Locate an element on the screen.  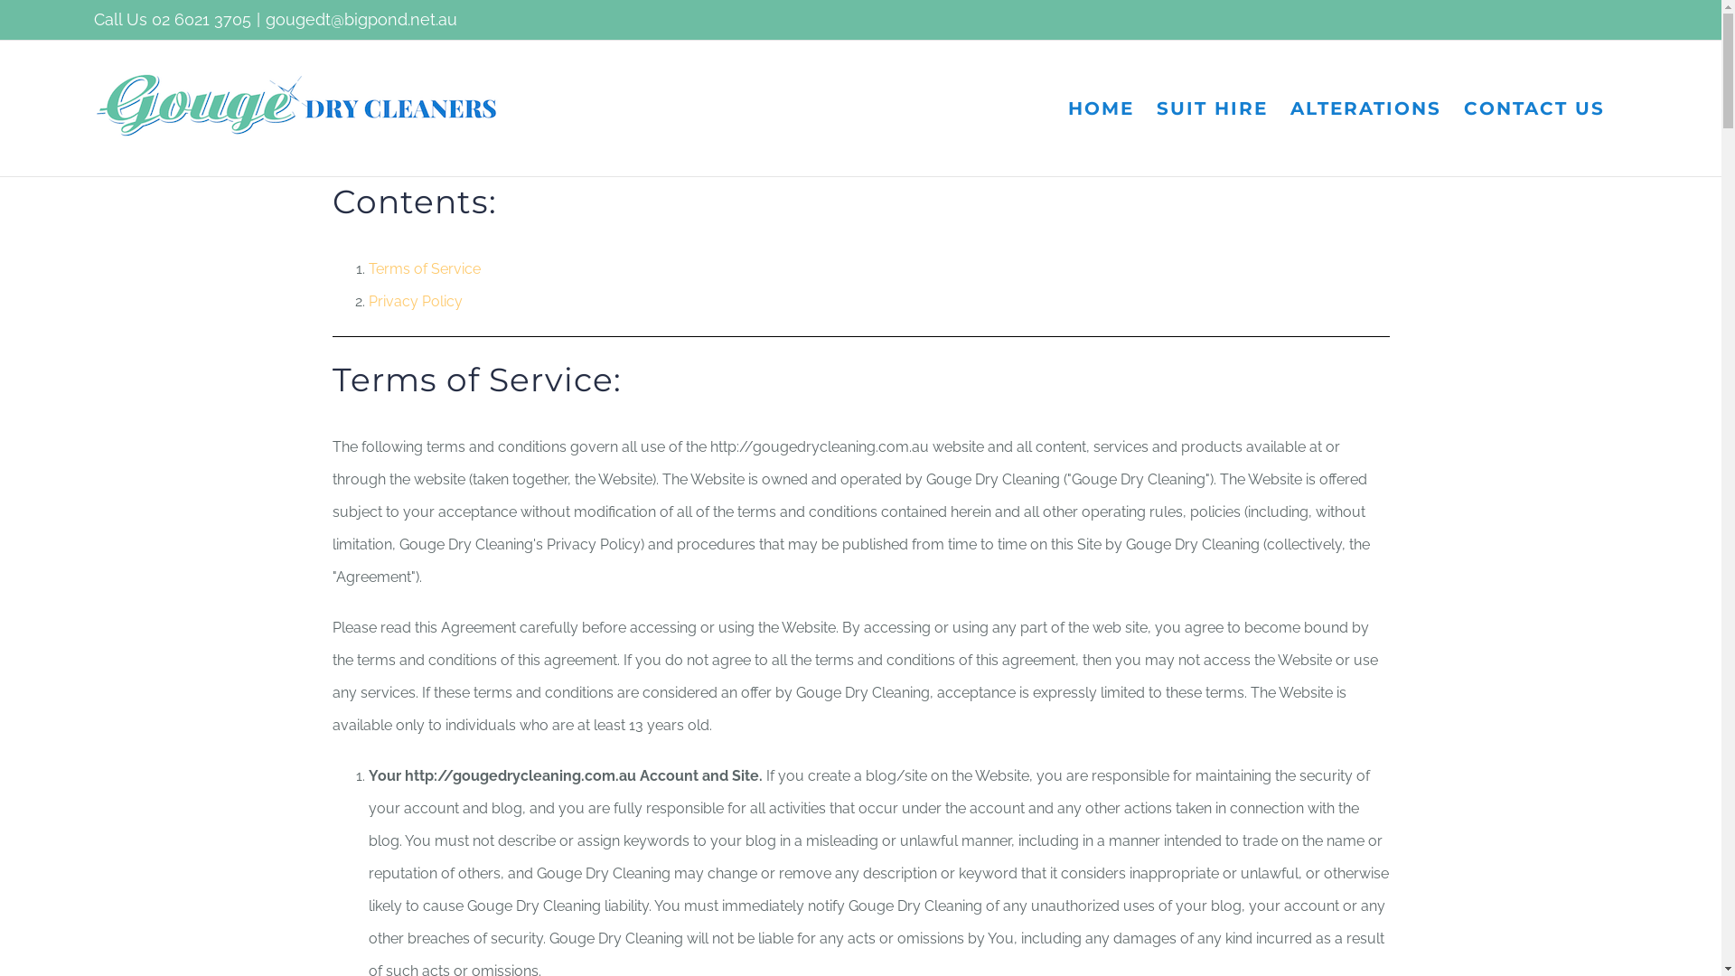
'SUIT HIRE' is located at coordinates (1212, 108).